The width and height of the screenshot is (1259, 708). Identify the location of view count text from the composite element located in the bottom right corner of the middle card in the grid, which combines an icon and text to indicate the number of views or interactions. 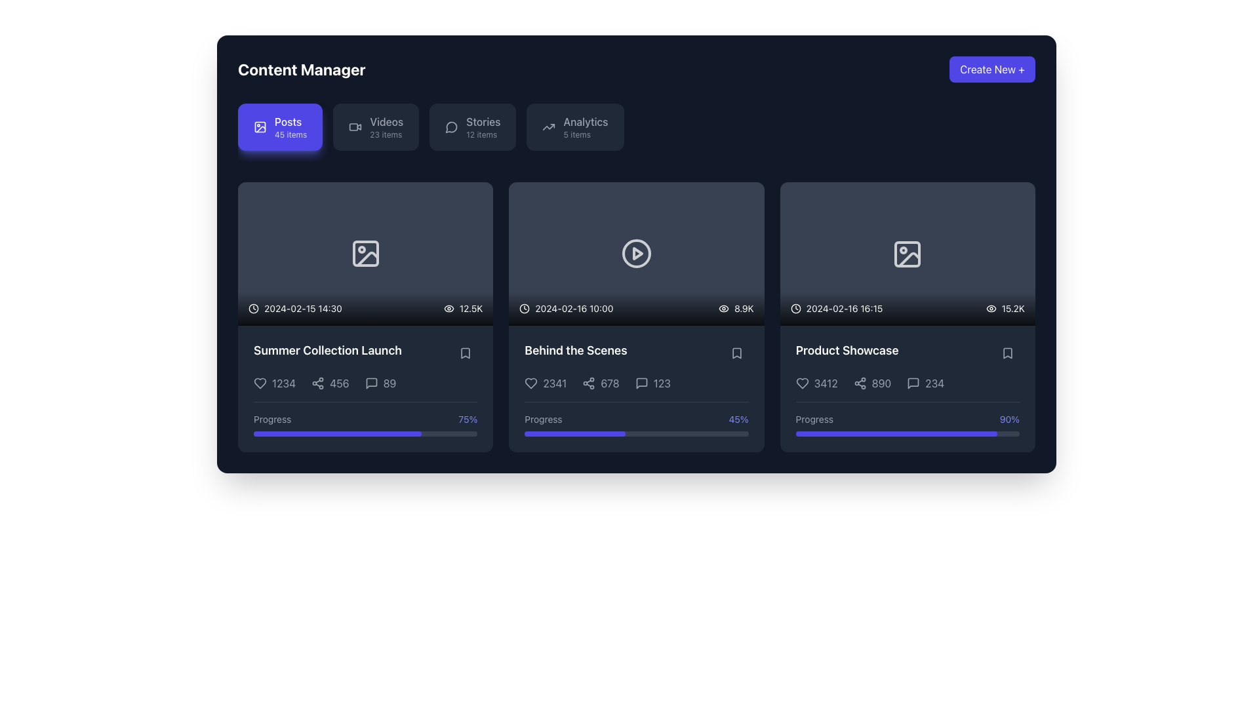
(736, 308).